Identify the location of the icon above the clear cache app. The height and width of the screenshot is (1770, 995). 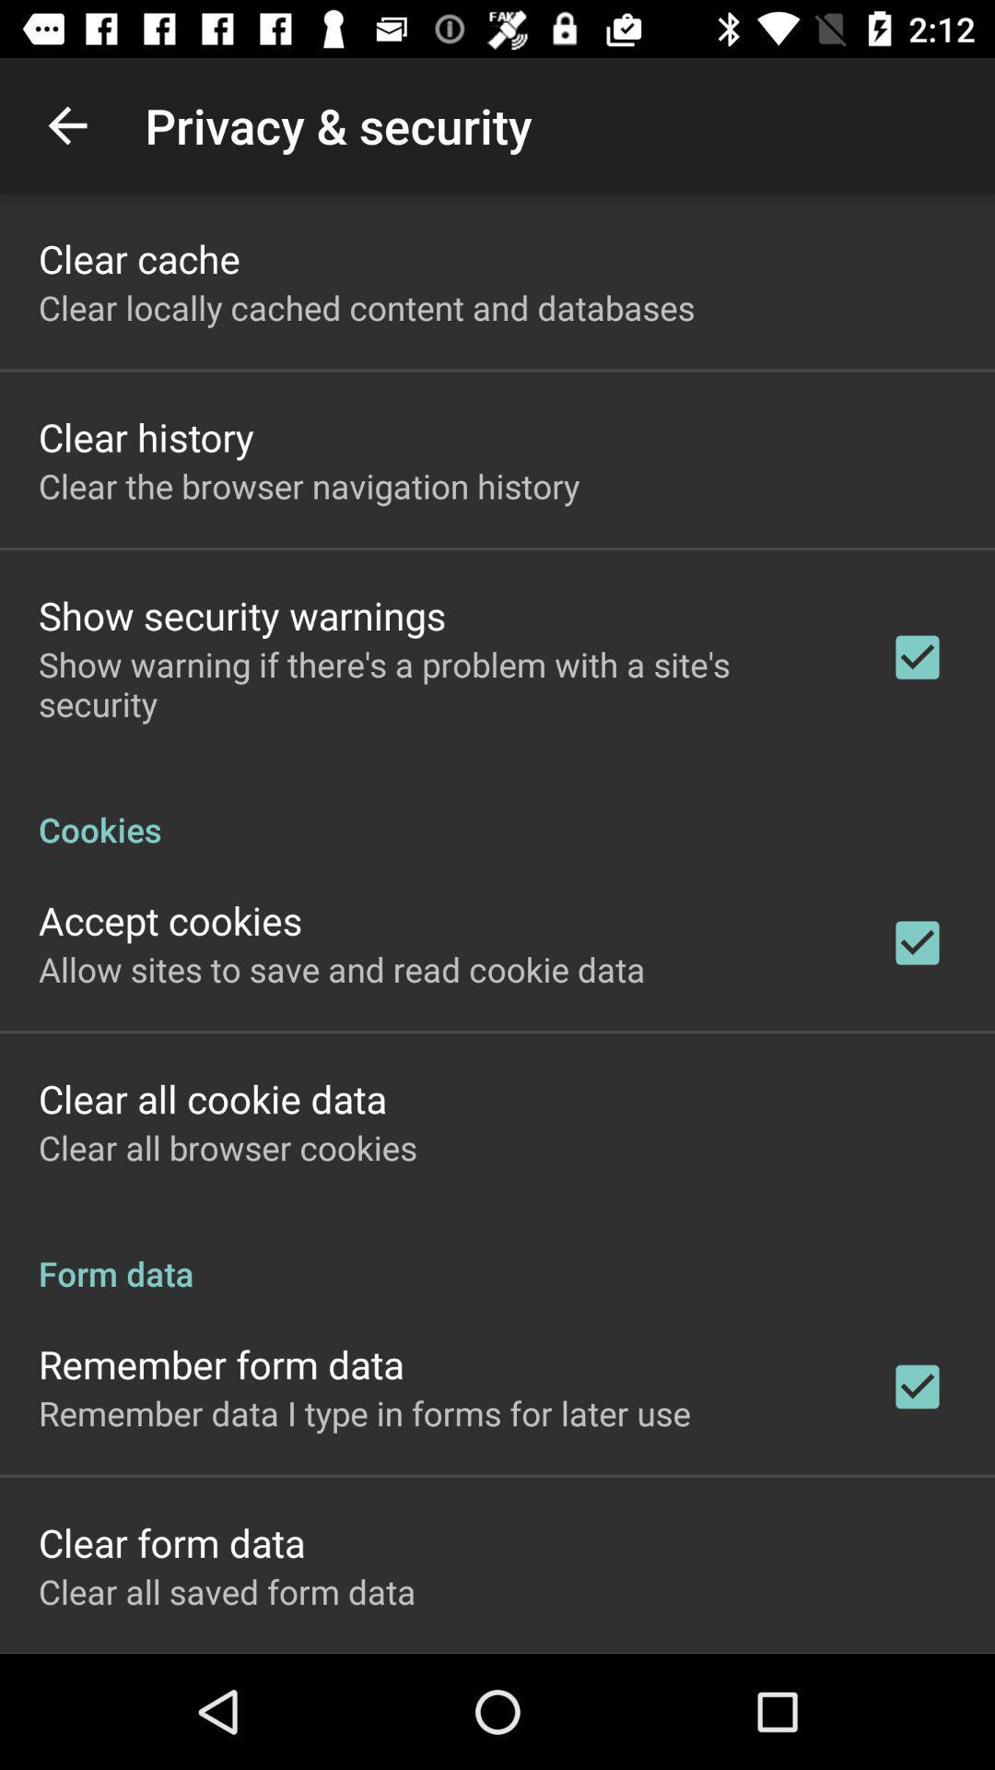
(66, 124).